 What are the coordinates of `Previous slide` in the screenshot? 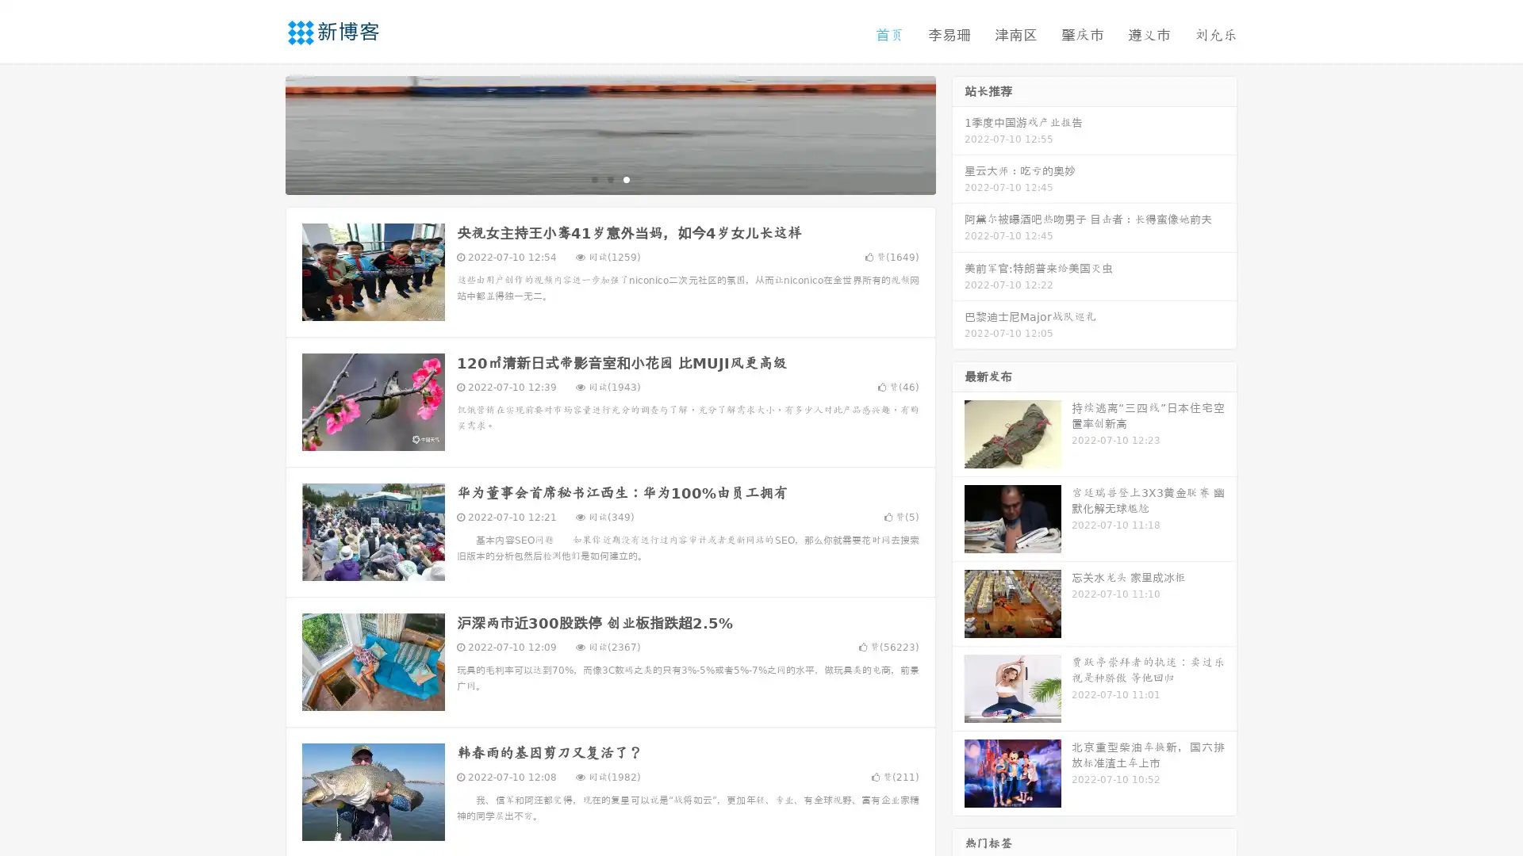 It's located at (262, 133).